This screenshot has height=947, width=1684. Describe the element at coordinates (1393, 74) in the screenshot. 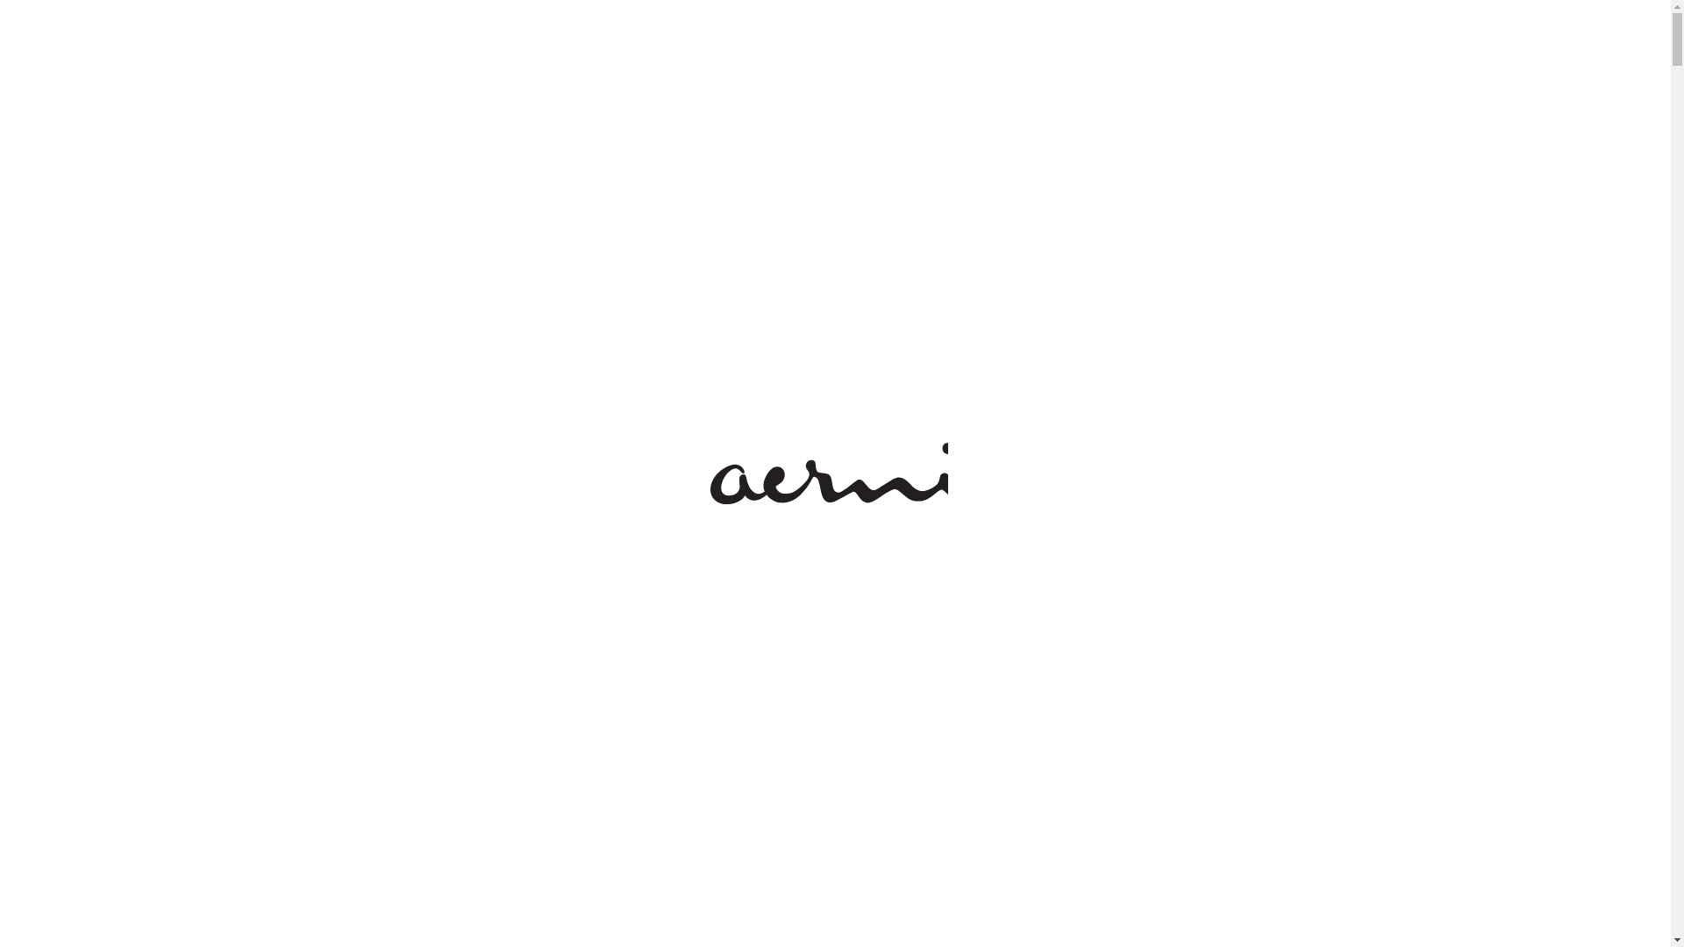

I see `'SPA'` at that location.